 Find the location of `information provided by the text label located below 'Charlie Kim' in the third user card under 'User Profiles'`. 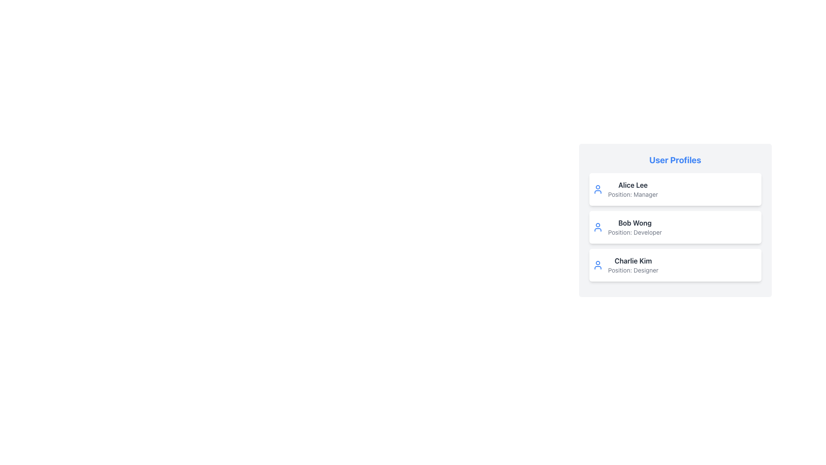

information provided by the text label located below 'Charlie Kim' in the third user card under 'User Profiles' is located at coordinates (633, 270).